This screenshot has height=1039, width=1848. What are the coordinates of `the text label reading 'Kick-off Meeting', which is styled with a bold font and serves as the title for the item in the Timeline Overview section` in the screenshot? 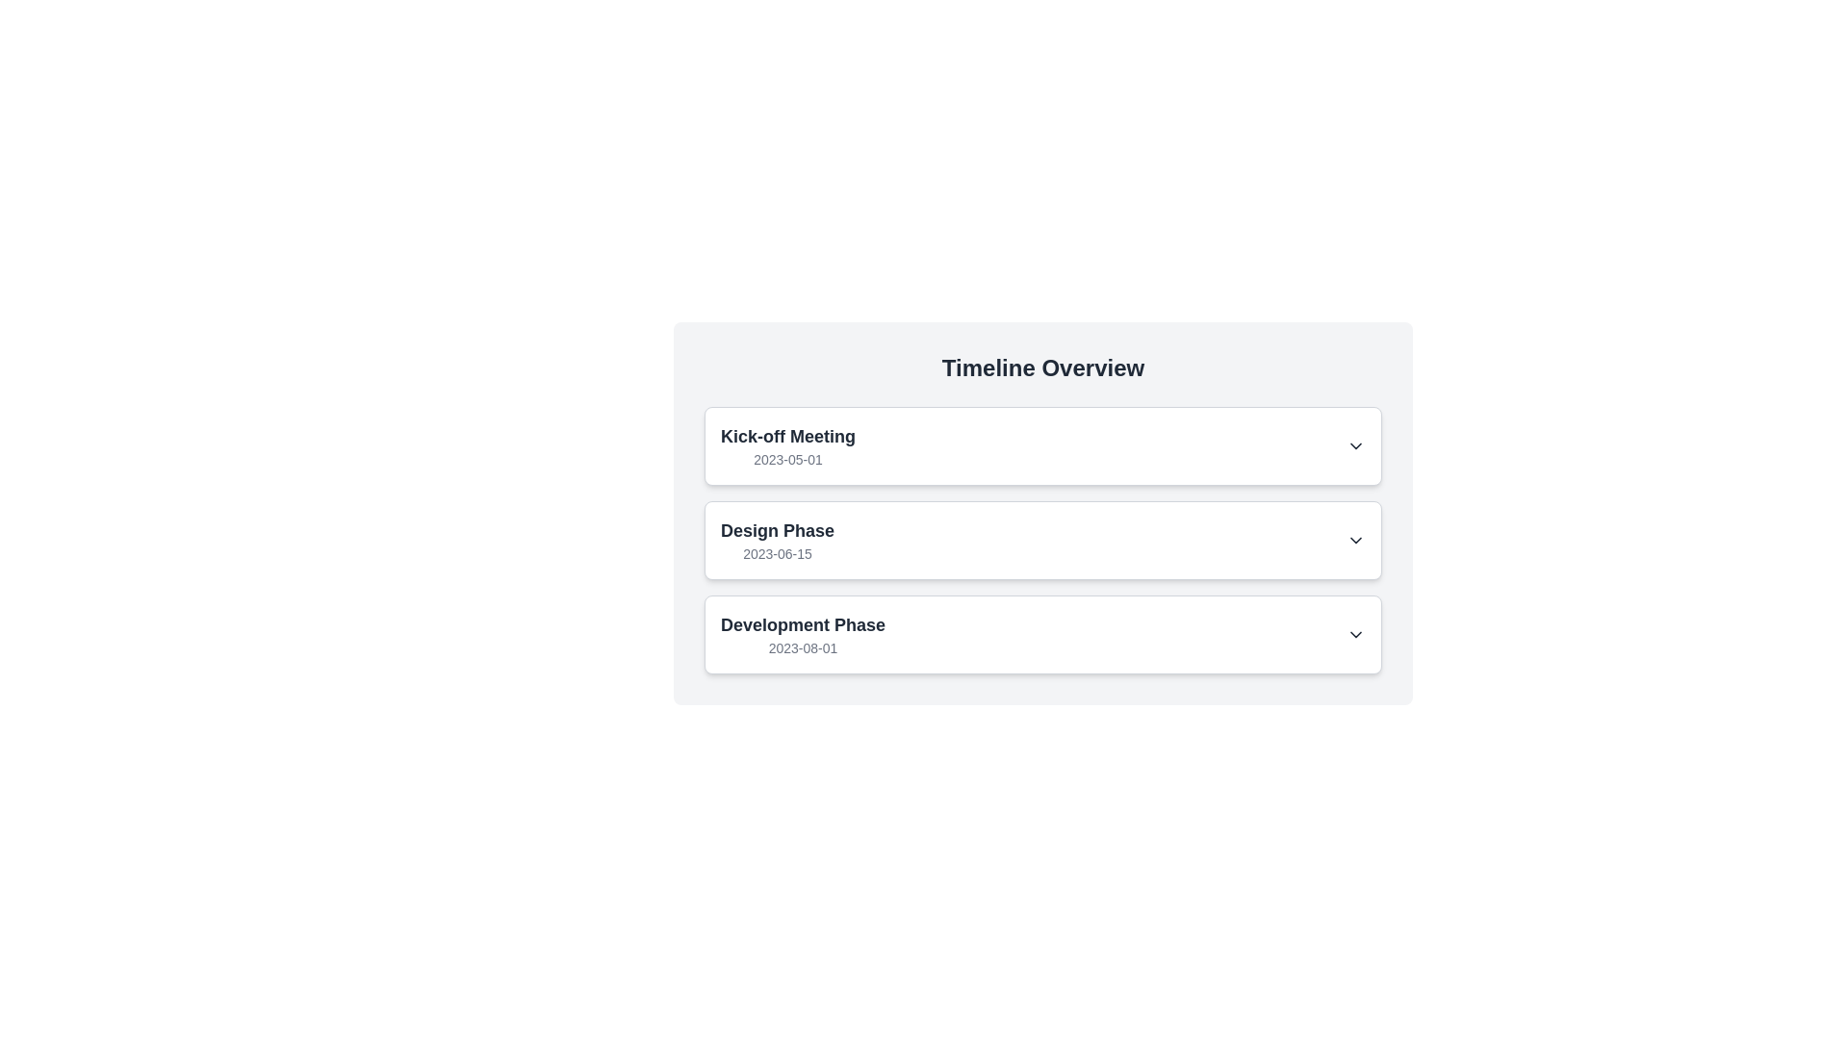 It's located at (788, 437).